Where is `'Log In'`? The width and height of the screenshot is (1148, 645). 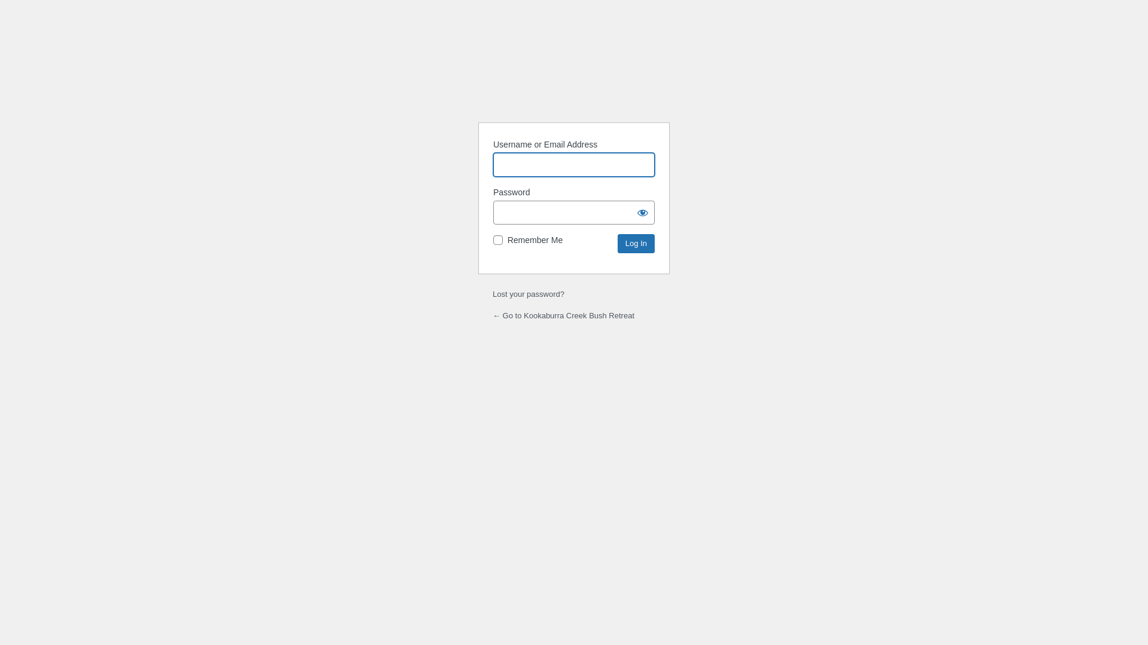
'Log In' is located at coordinates (617, 243).